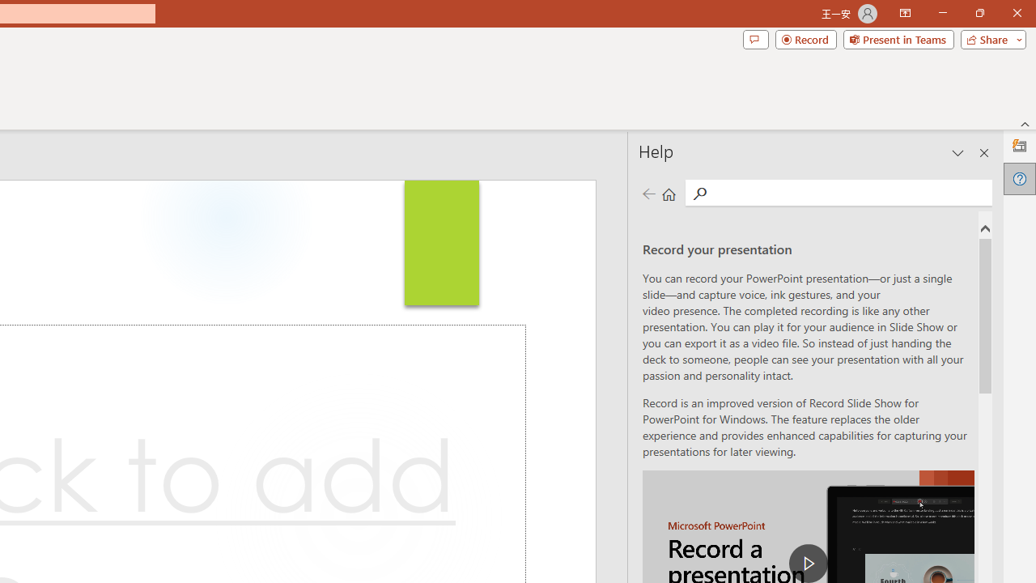 This screenshot has width=1036, height=583. What do you see at coordinates (1025, 123) in the screenshot?
I see `'Collapse the Ribbon'` at bounding box center [1025, 123].